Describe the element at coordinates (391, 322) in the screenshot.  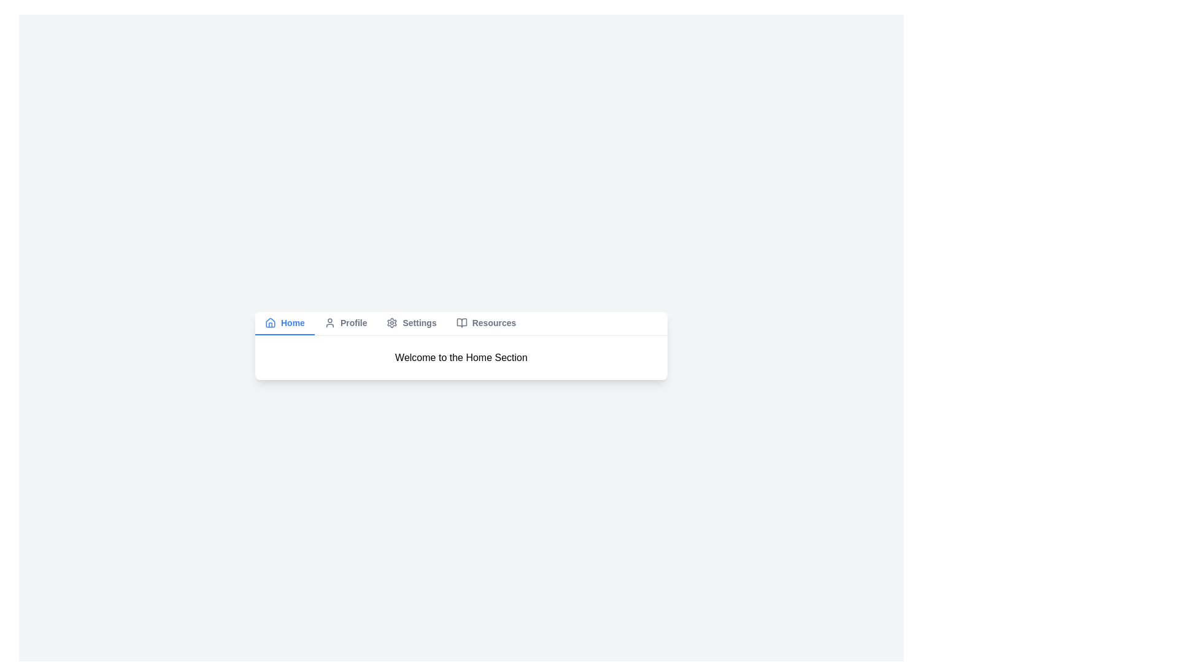
I see `the gear-shaped settings icon located in the navigation bar` at that location.